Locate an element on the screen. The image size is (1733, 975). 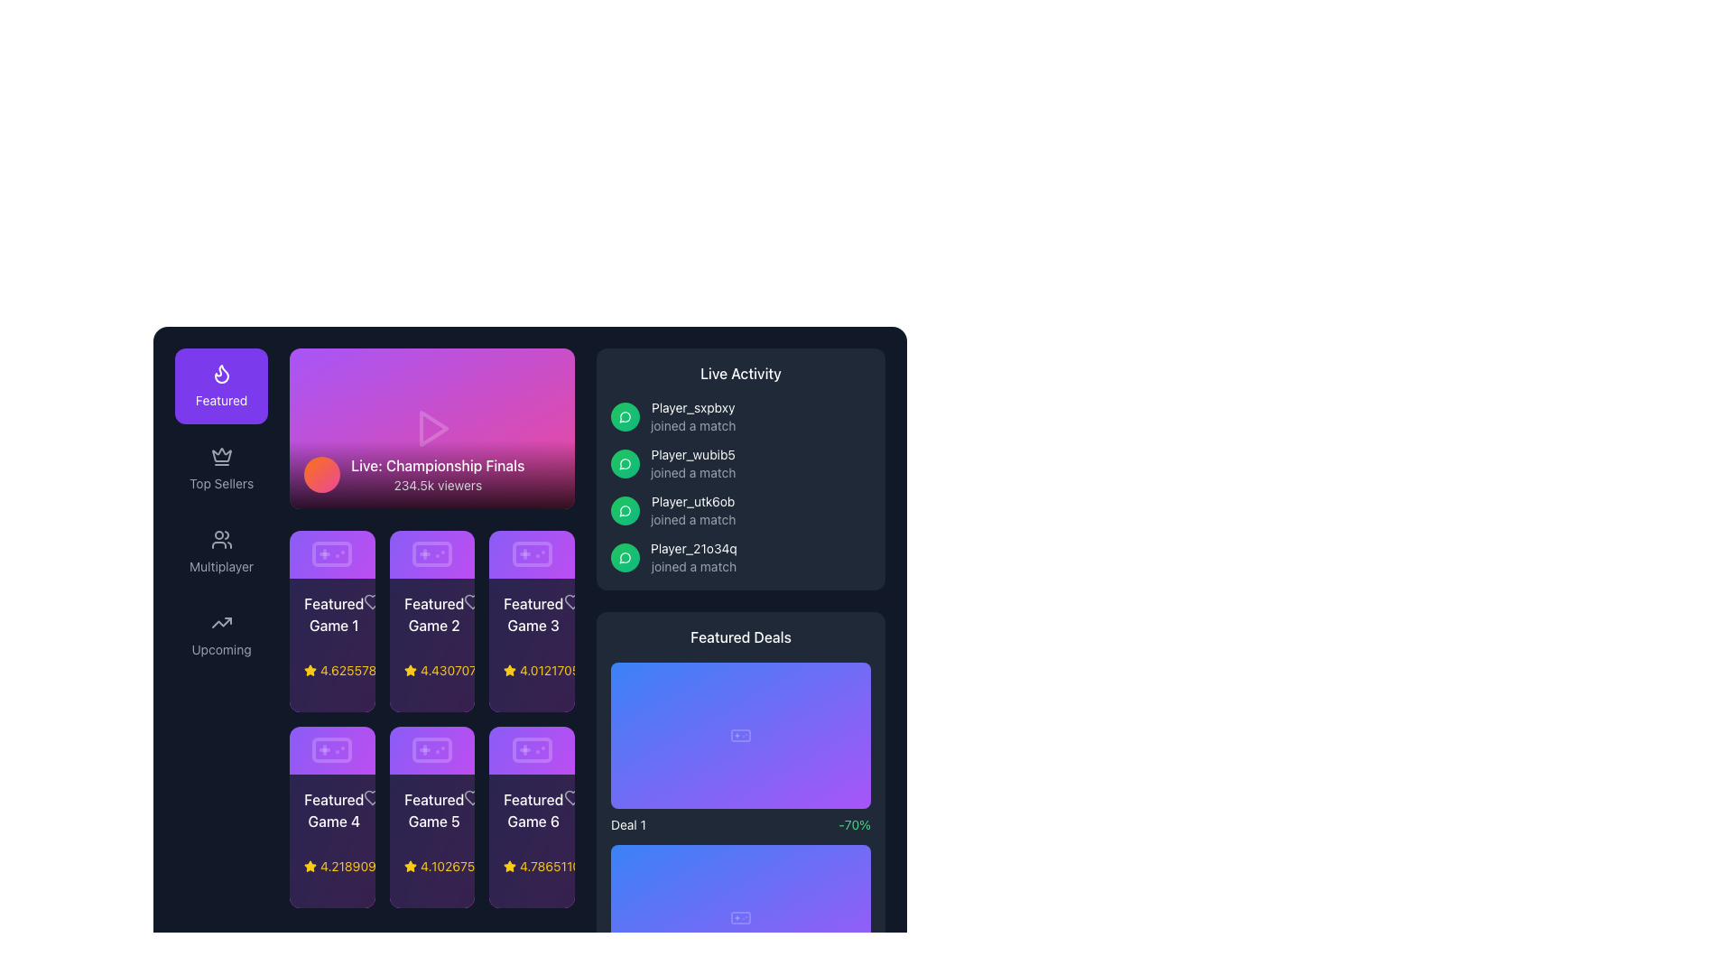
the static text element that informs the user about 'Player_sxpbxy' joining a game, located in the 'Live Activity' section on the right pane of the interface is located at coordinates (692, 417).